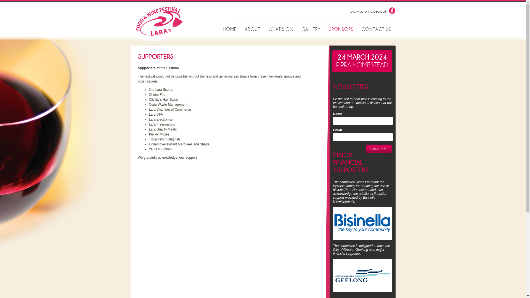 The width and height of the screenshot is (530, 298). I want to click on 'WHAT'S ON', so click(281, 30).